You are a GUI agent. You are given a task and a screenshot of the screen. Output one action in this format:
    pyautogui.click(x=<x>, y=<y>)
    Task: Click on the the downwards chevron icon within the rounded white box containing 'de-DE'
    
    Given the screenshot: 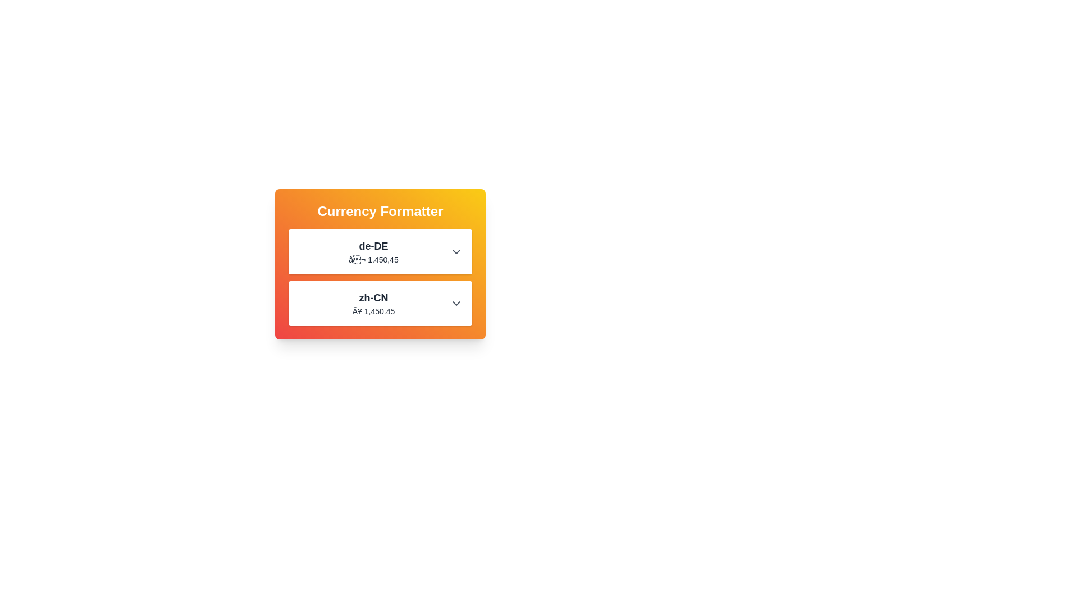 What is the action you would take?
    pyautogui.click(x=456, y=251)
    